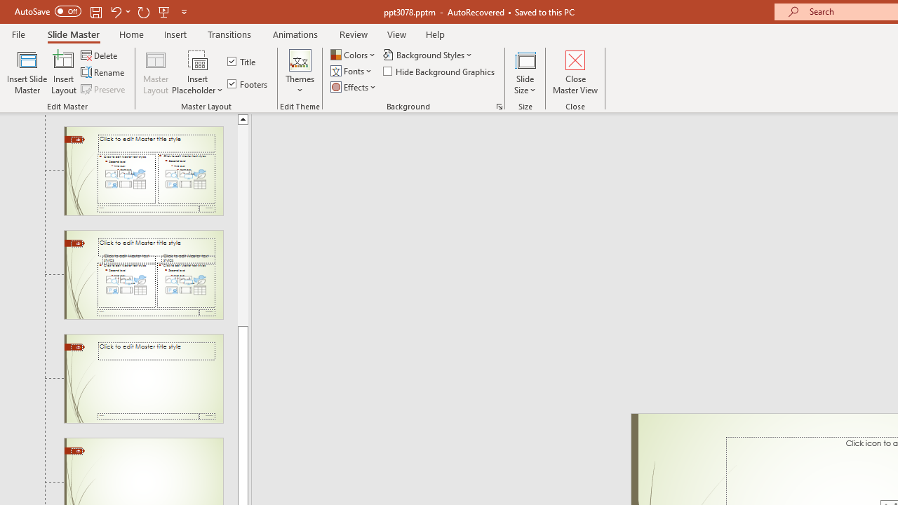 The width and height of the screenshot is (898, 505). I want to click on 'Line up', so click(243, 118).